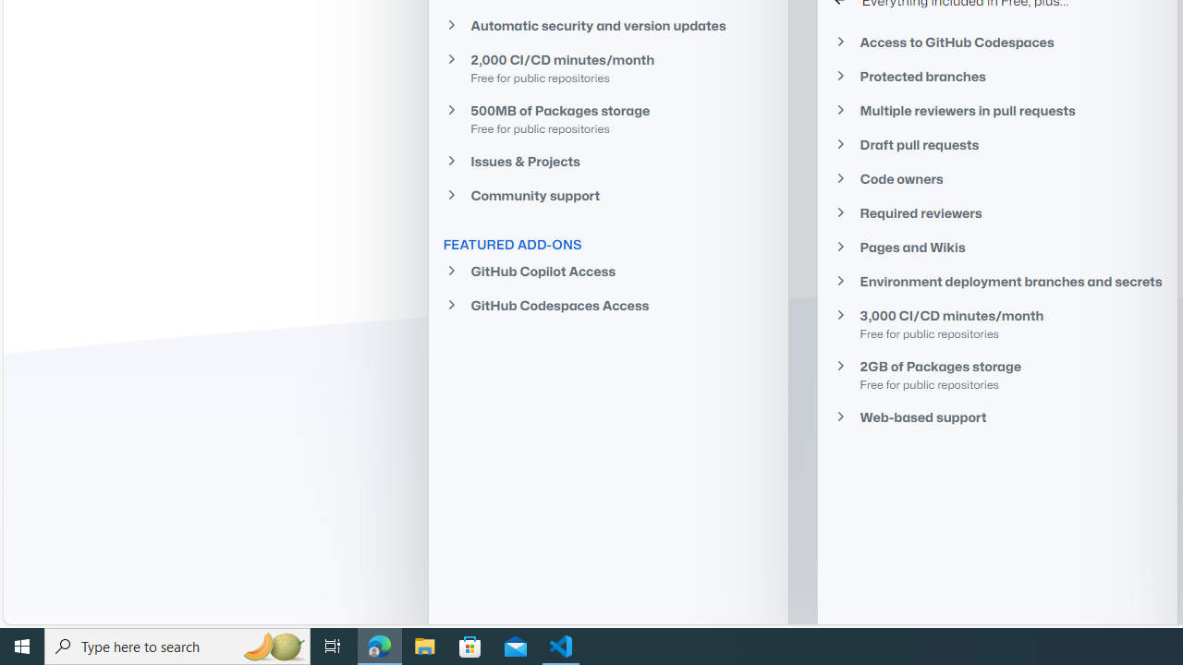 This screenshot has height=665, width=1183. Describe the element at coordinates (996, 323) in the screenshot. I see `'3,000 CI/CD minutes/month Free for public repositories'` at that location.